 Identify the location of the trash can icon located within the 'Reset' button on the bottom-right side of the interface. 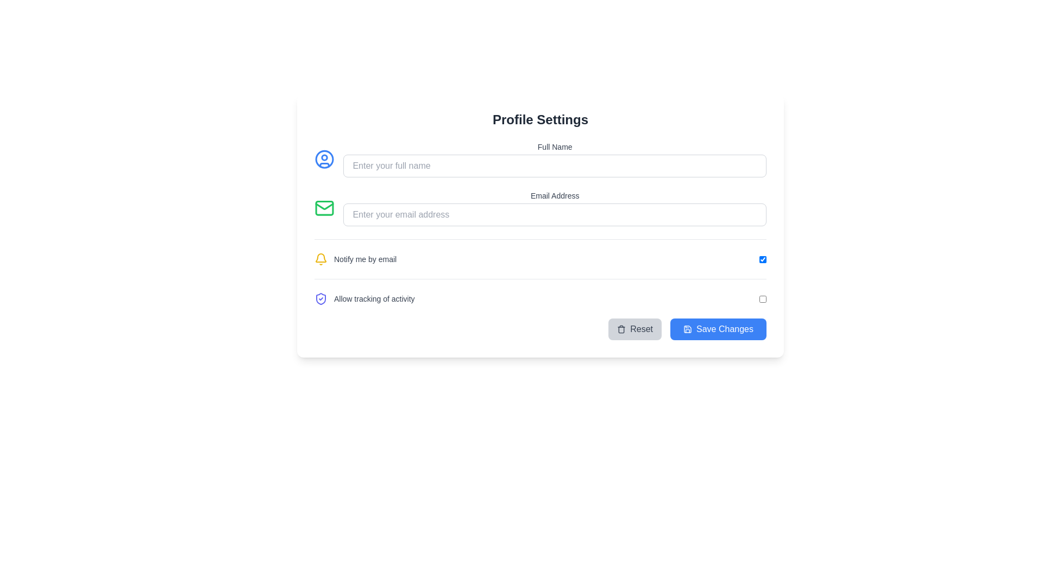
(621, 328).